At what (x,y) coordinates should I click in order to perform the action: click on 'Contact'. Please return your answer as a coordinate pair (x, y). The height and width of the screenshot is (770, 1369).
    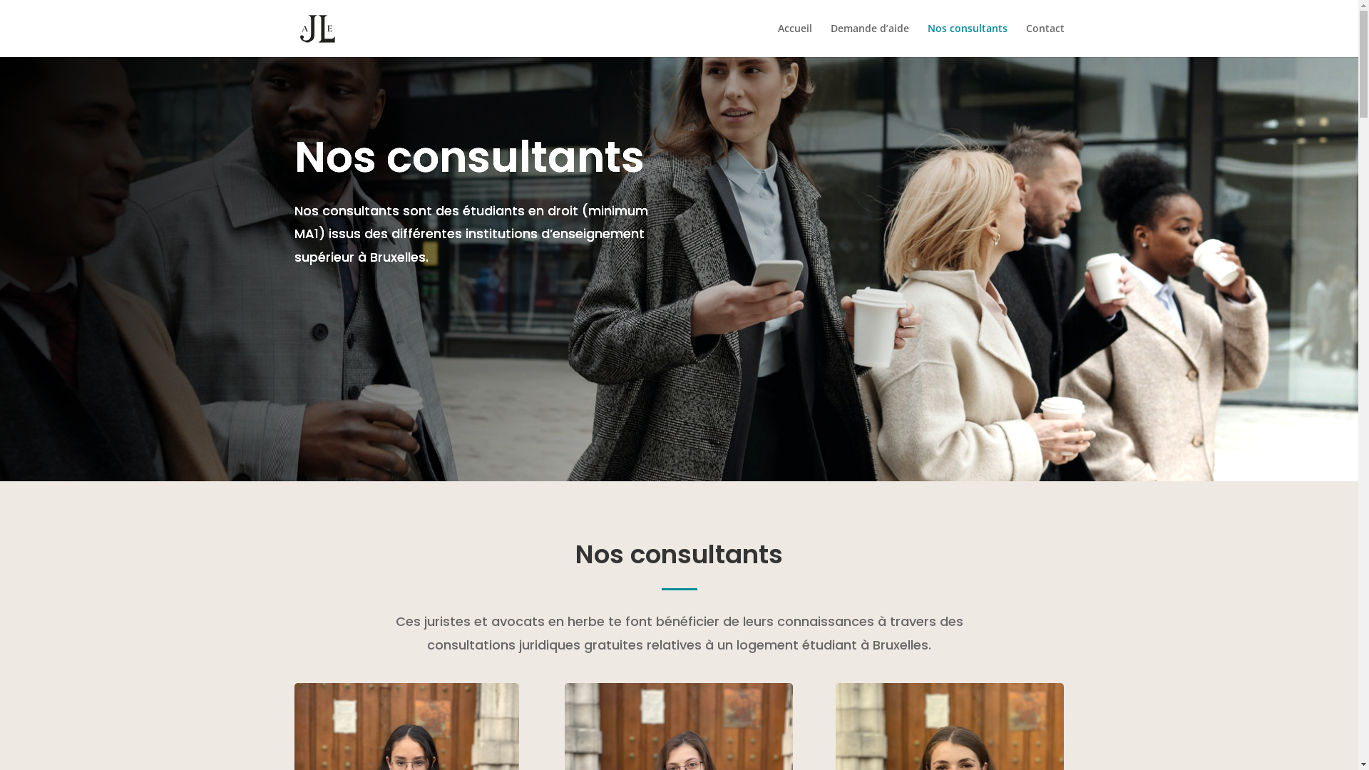
    Looking at the image, I should click on (1044, 39).